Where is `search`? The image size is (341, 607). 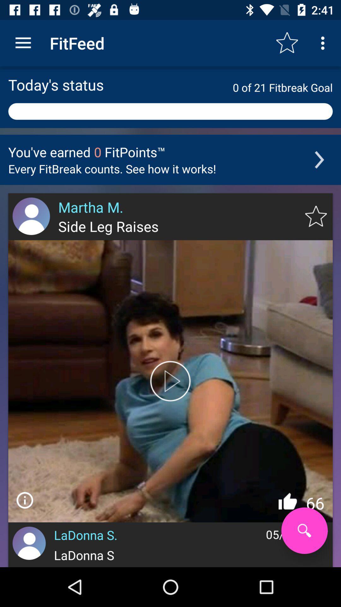
search is located at coordinates (304, 530).